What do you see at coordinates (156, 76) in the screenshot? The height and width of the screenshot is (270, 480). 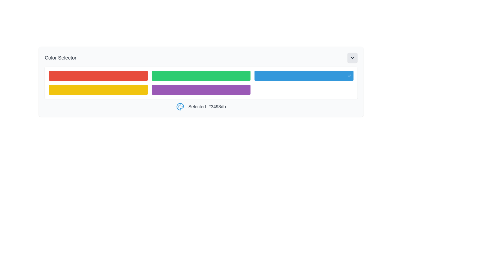 I see `small, green-colored icon resembling a square outline, located within the green button, which is the third button in a sequence of five horizontally-aligned colored buttons` at bounding box center [156, 76].